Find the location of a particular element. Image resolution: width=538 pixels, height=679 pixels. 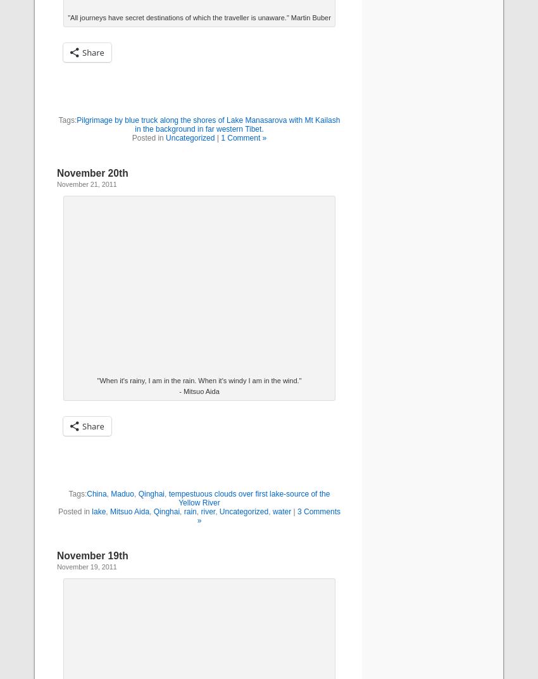

'November 21, 2011' is located at coordinates (87, 184).